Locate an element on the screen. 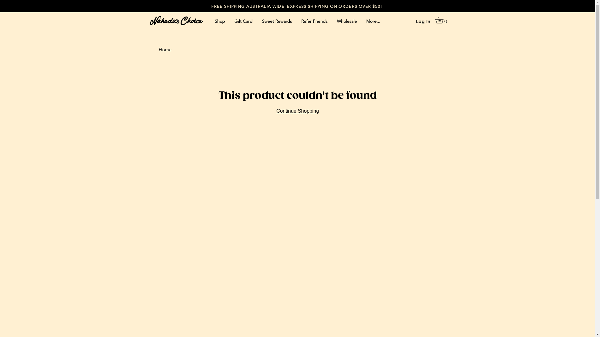  'Home' is located at coordinates (165, 49).